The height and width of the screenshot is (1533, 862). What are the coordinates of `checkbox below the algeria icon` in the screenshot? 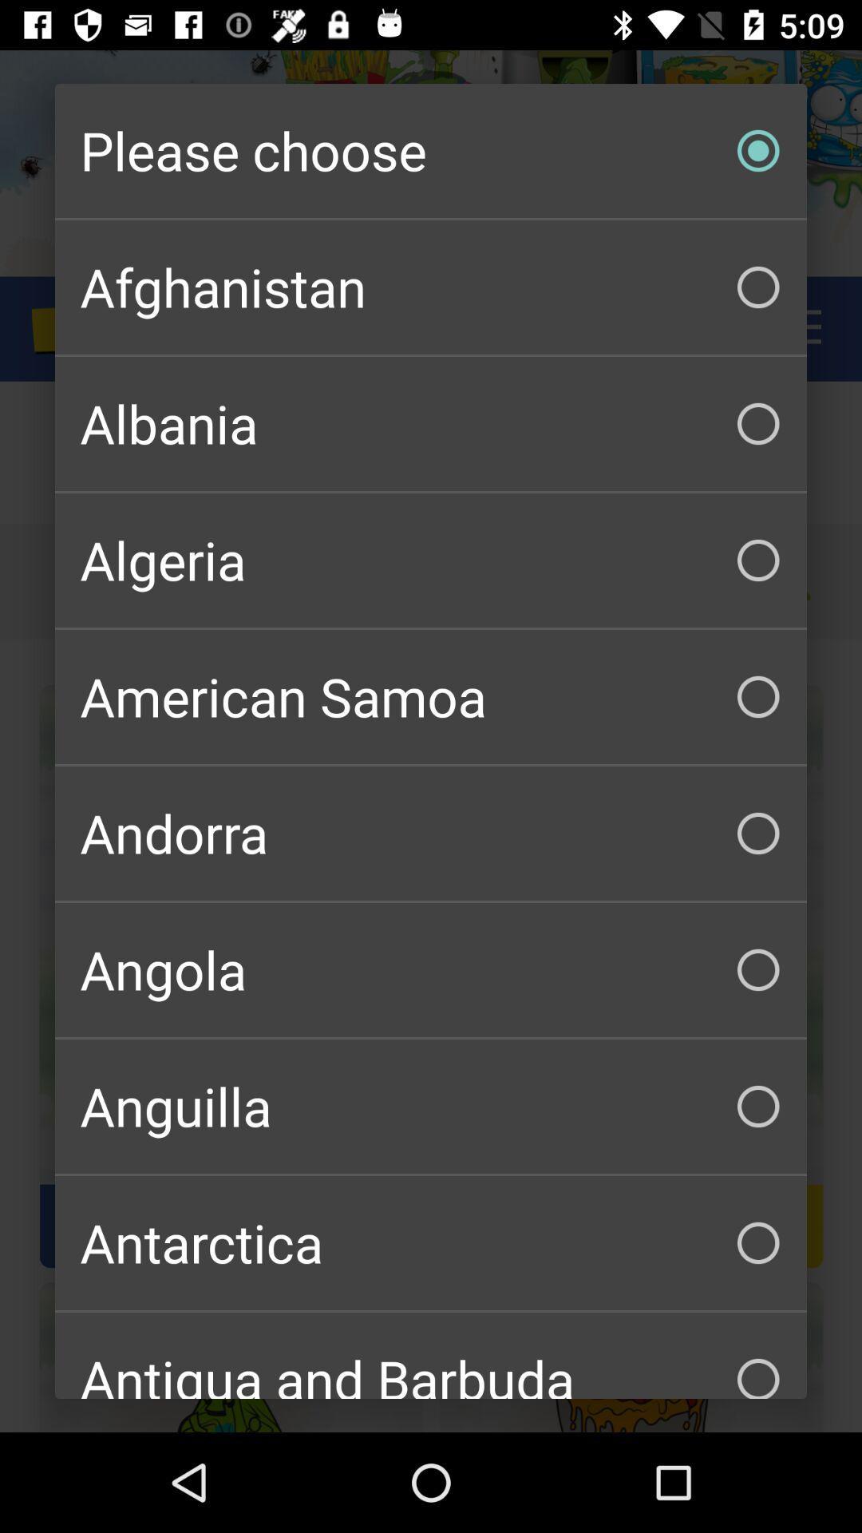 It's located at (431, 697).